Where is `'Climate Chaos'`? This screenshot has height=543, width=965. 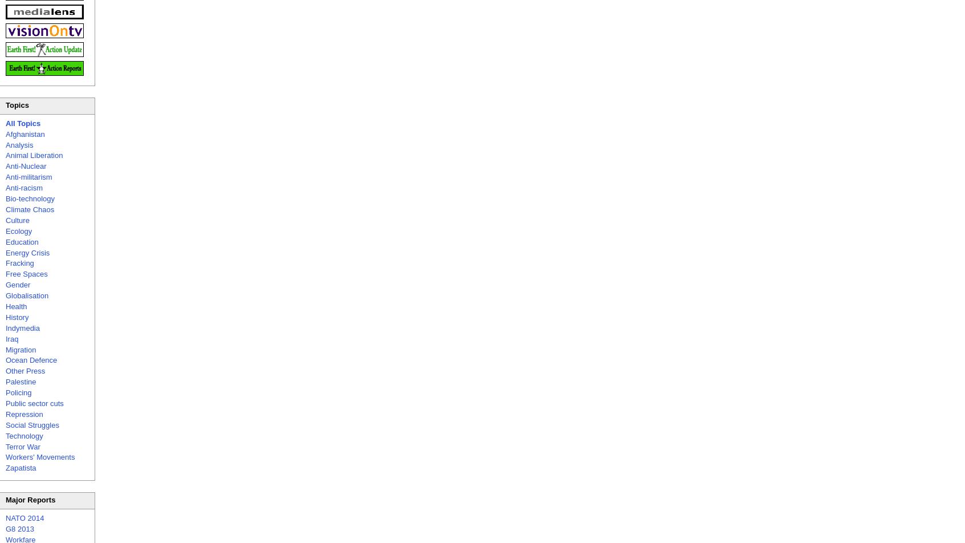 'Climate Chaos' is located at coordinates (29, 209).